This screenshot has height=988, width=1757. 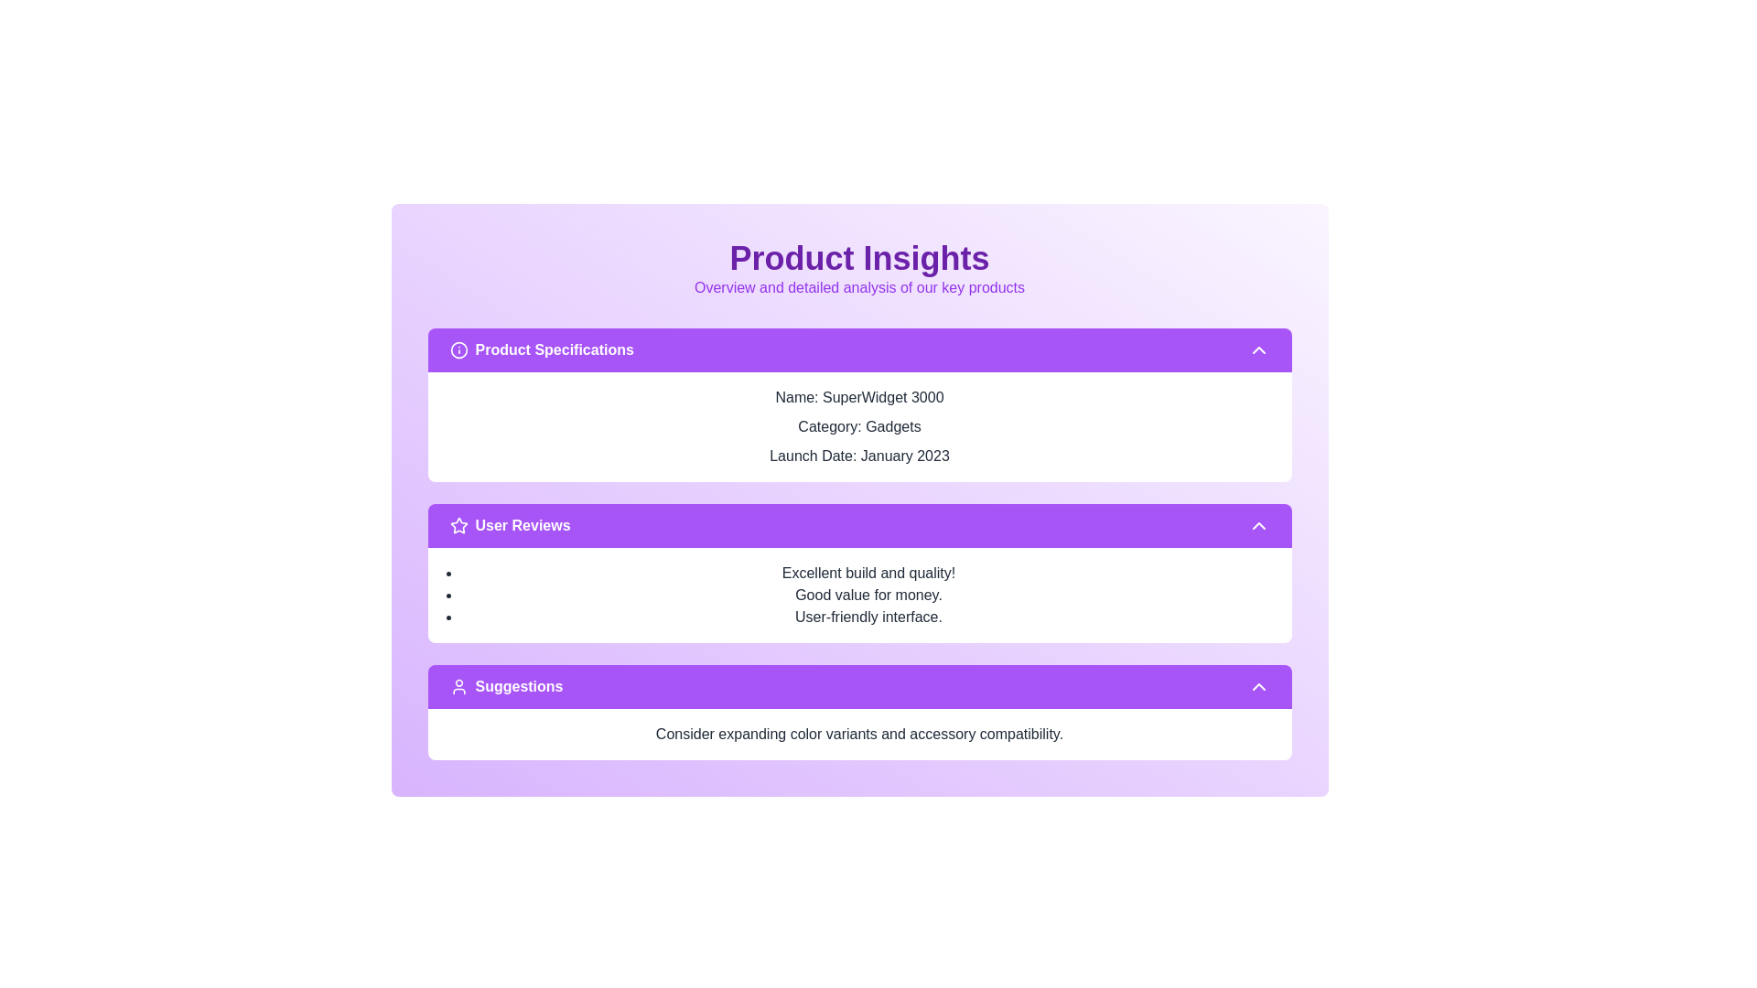 What do you see at coordinates (858, 455) in the screenshot?
I see `the text block that displays 'Launch Date: January 2023.' This text is the third item in a vertical list under 'Product Specifications.'` at bounding box center [858, 455].